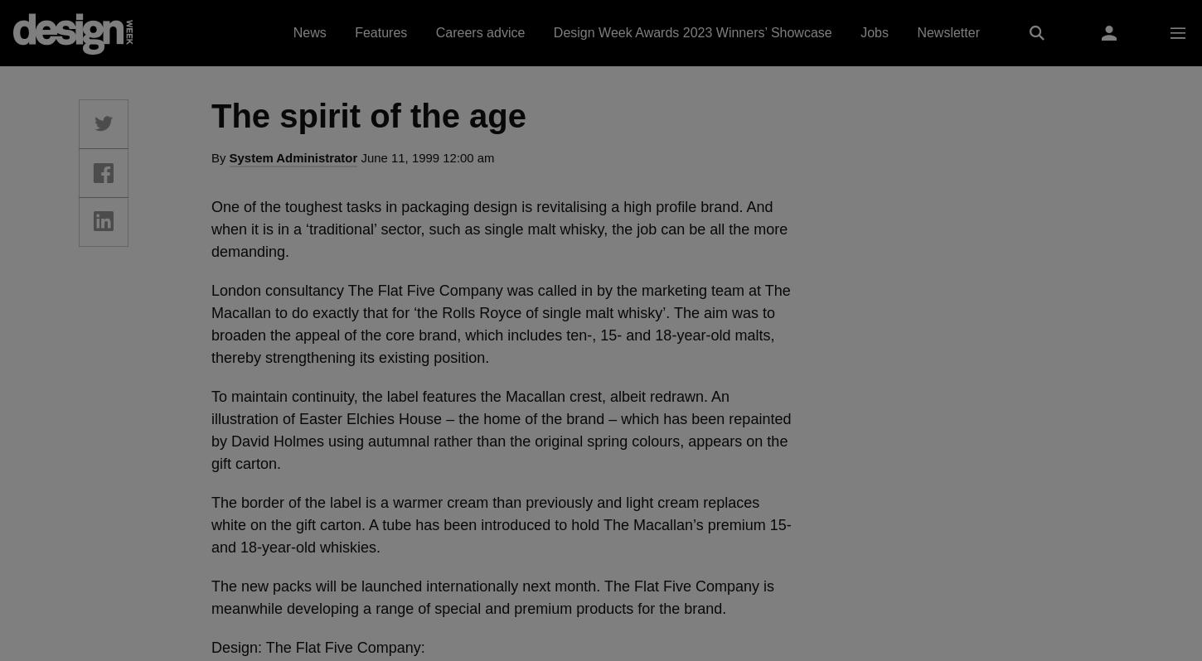 The height and width of the screenshot is (661, 1202). I want to click on 'Design: The Flat Five Company:', so click(317, 647).